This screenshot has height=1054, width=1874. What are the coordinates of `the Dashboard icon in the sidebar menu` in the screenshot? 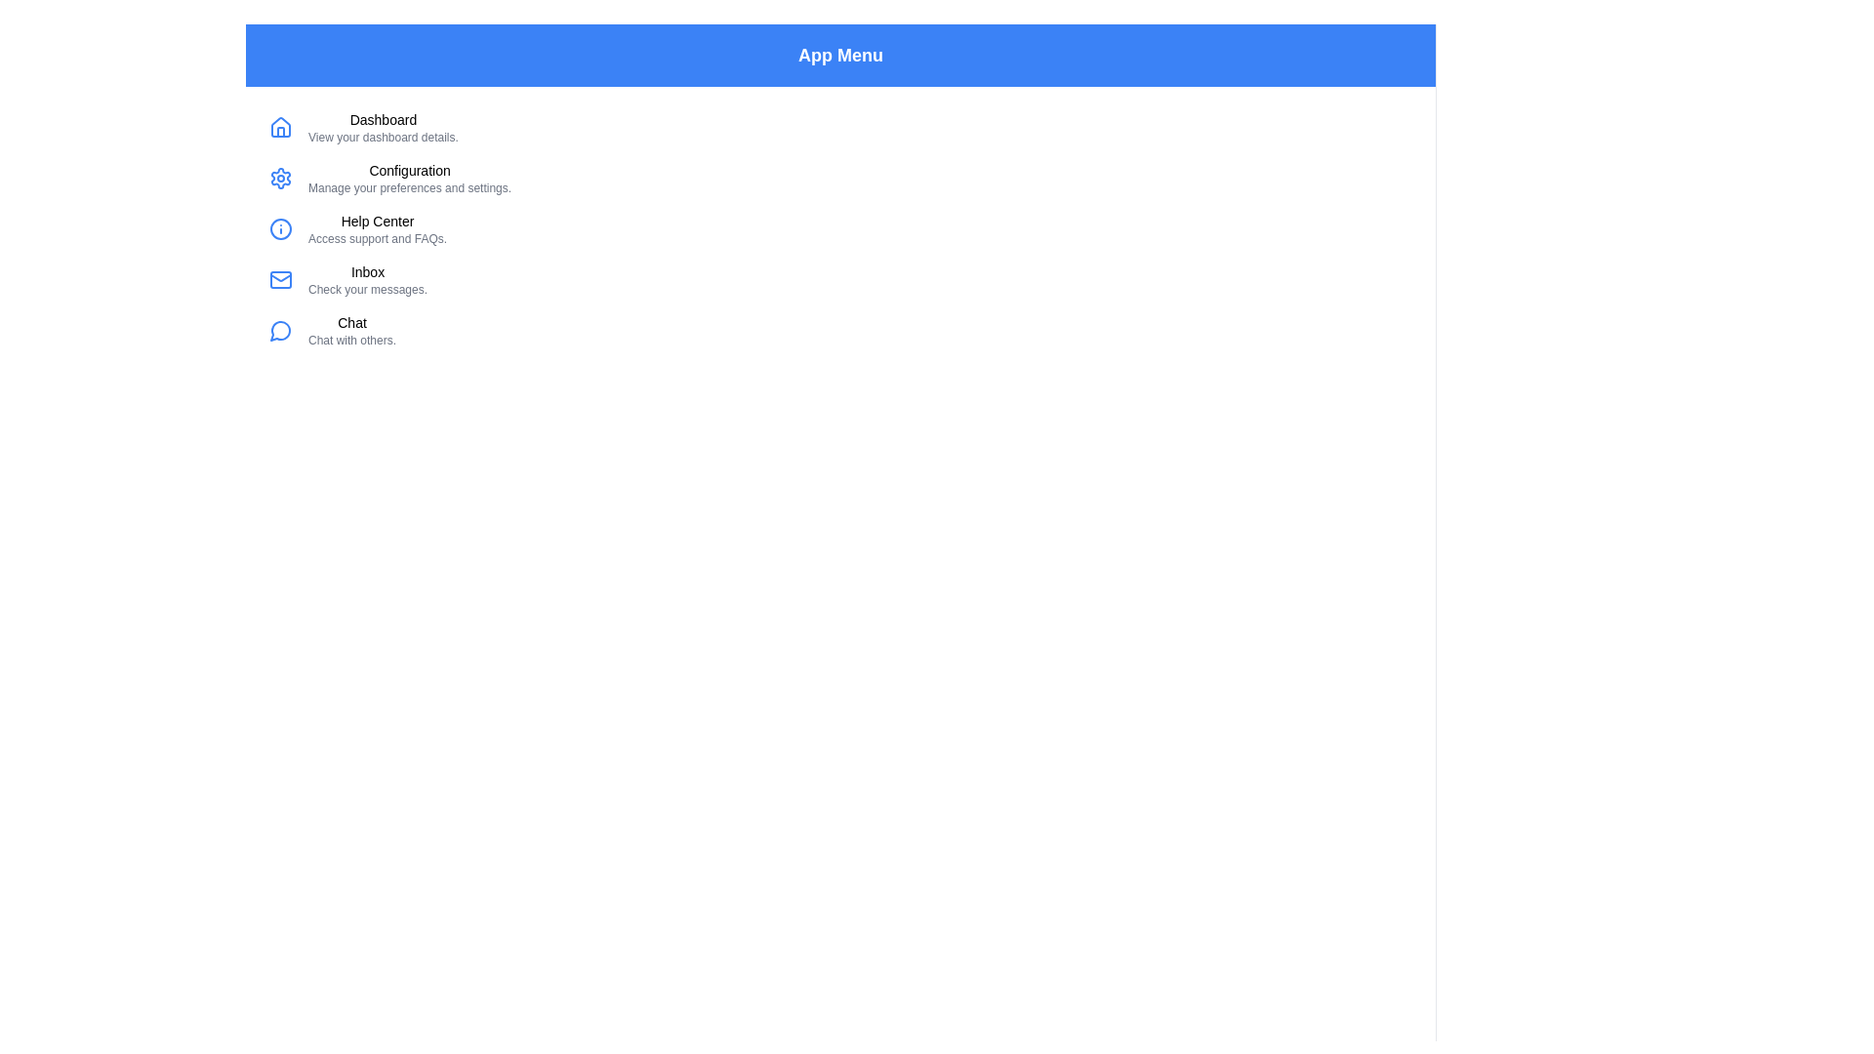 It's located at (280, 128).